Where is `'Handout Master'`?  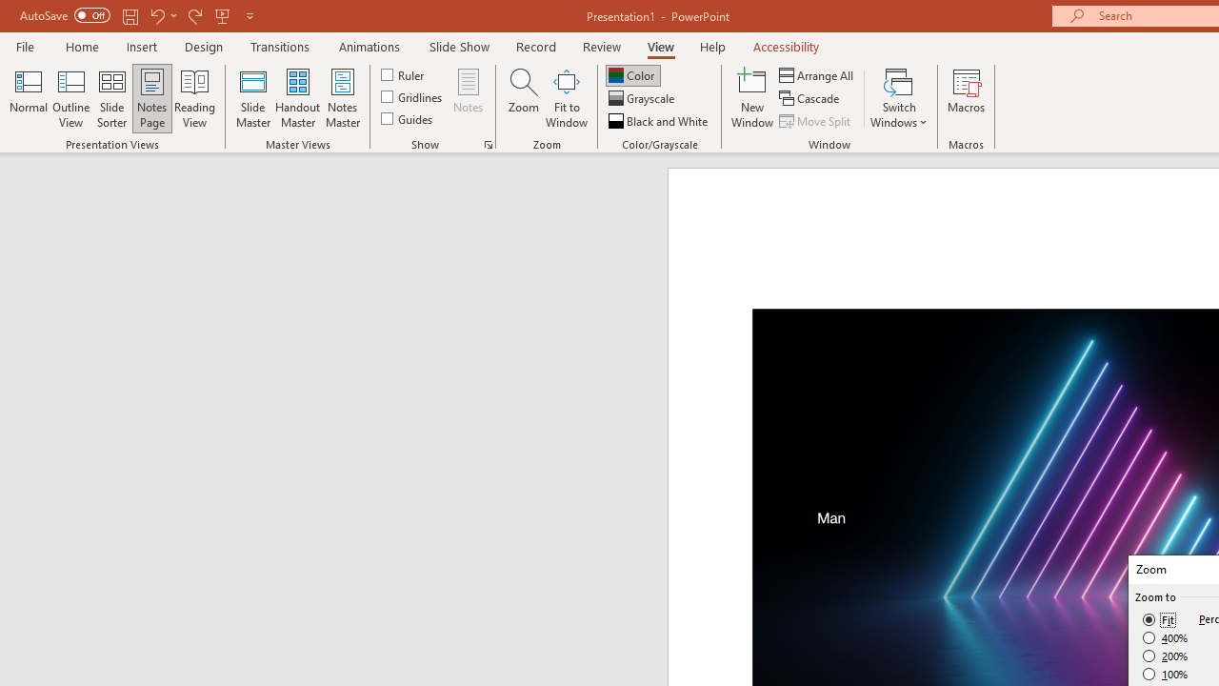
'Handout Master' is located at coordinates (296, 98).